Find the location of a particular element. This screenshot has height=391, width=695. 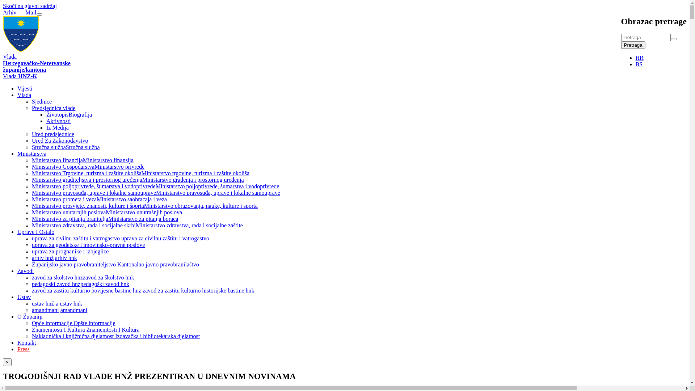

'arhiv hnk' is located at coordinates (66, 257).